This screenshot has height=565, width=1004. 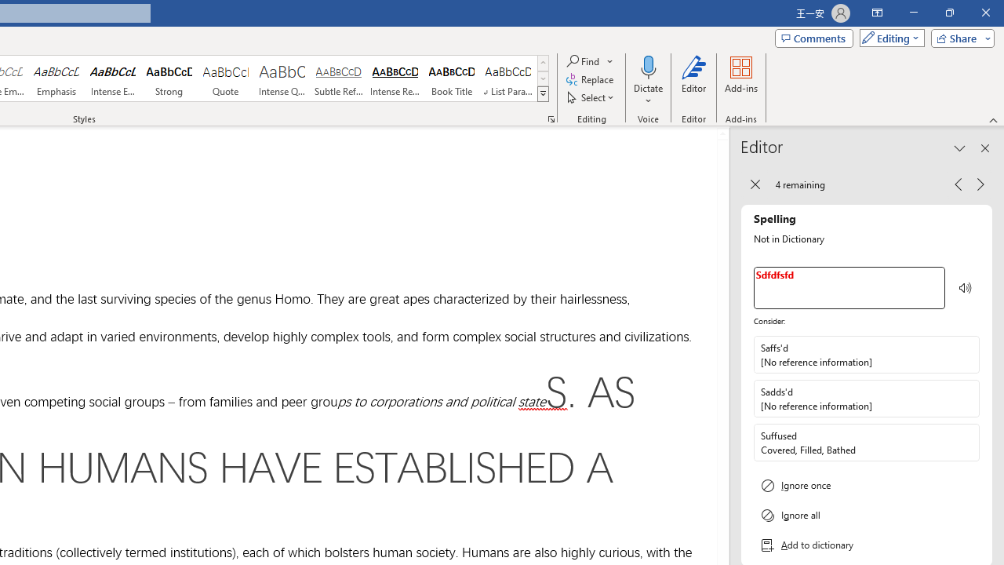 What do you see at coordinates (648, 81) in the screenshot?
I see `'Dictate'` at bounding box center [648, 81].